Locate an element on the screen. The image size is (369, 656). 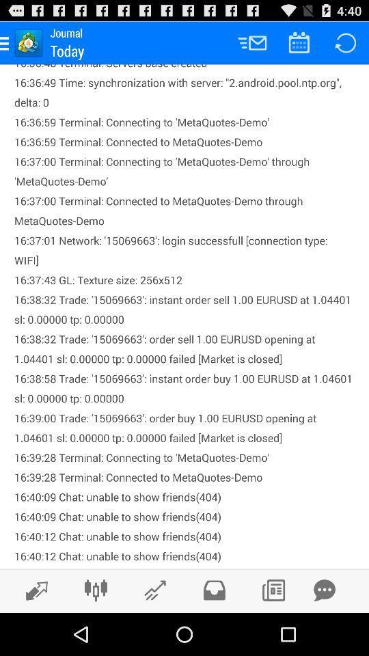
the chat icon is located at coordinates (324, 631).